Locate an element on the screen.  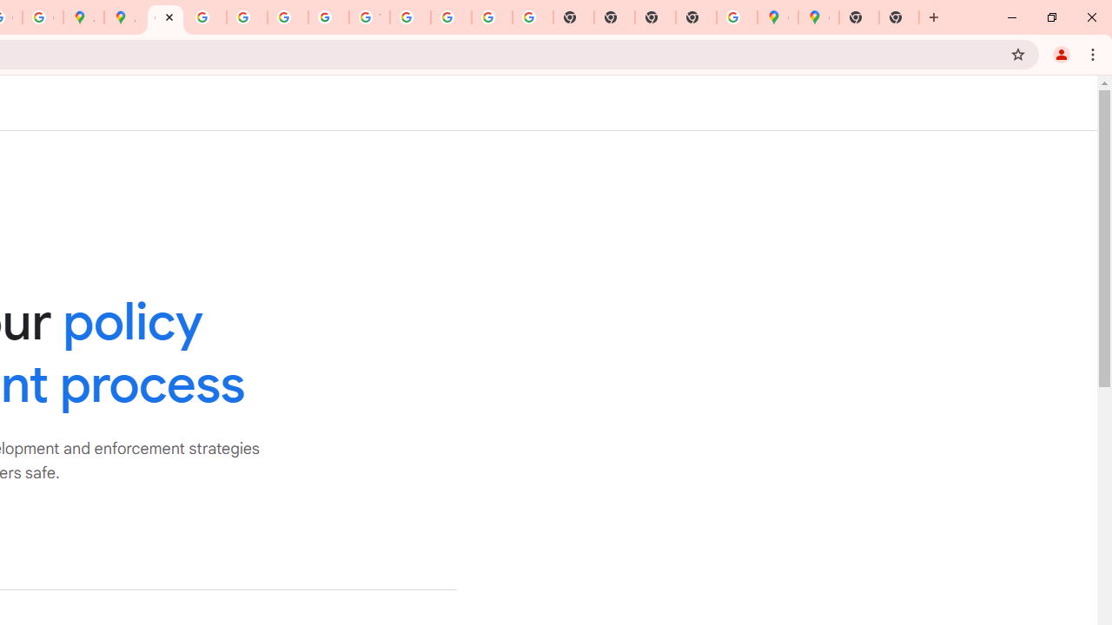
'Google Maps' is located at coordinates (777, 17).